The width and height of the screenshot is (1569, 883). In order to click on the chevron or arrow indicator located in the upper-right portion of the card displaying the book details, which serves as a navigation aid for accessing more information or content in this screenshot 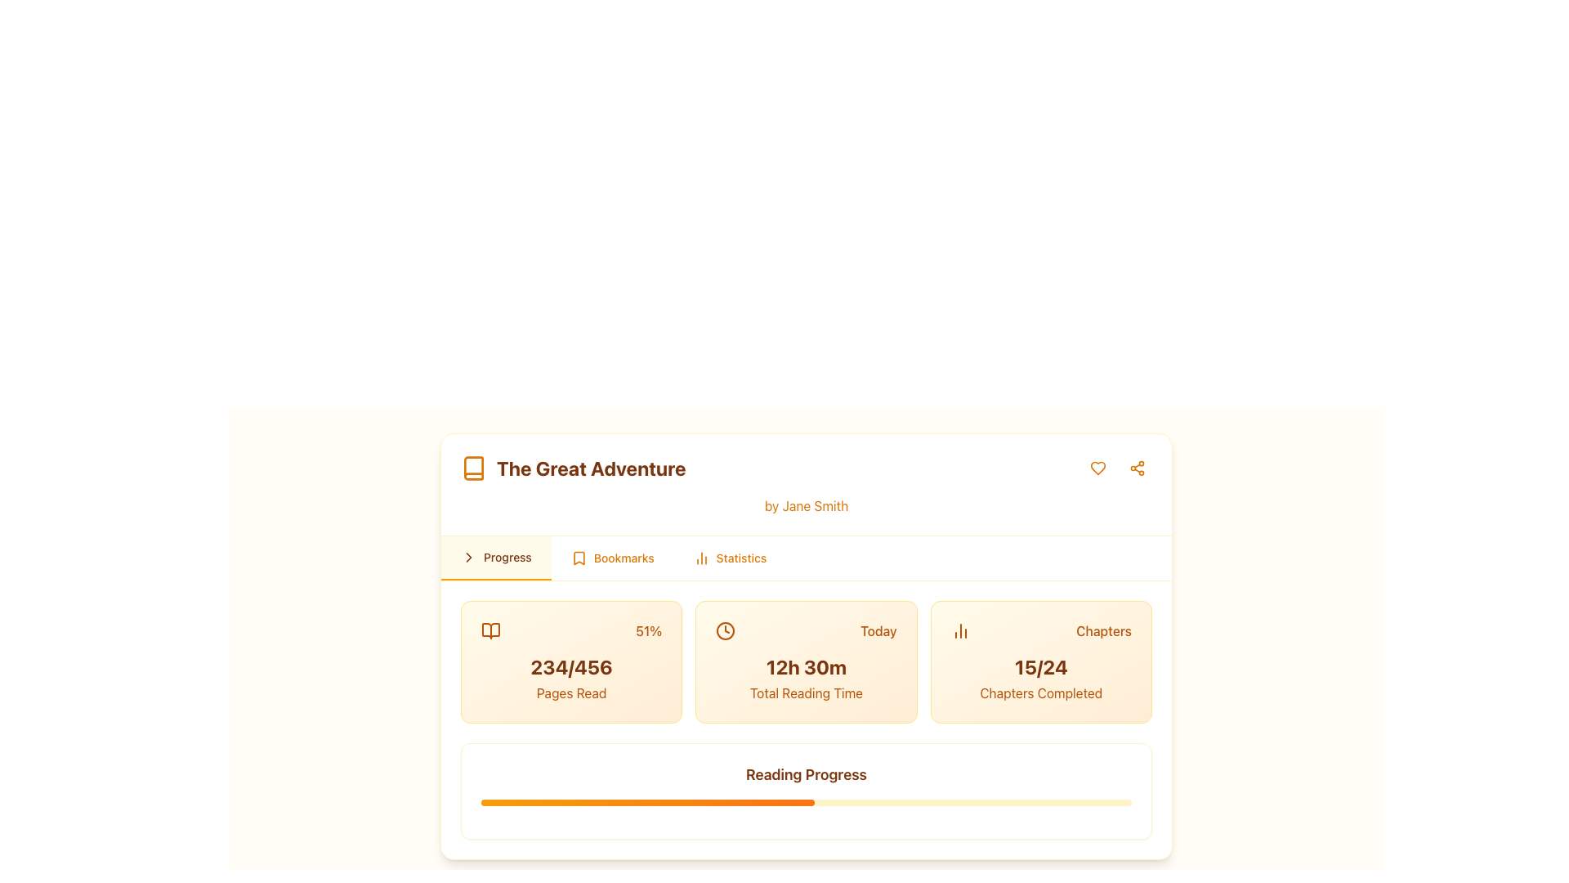, I will do `click(468, 557)`.